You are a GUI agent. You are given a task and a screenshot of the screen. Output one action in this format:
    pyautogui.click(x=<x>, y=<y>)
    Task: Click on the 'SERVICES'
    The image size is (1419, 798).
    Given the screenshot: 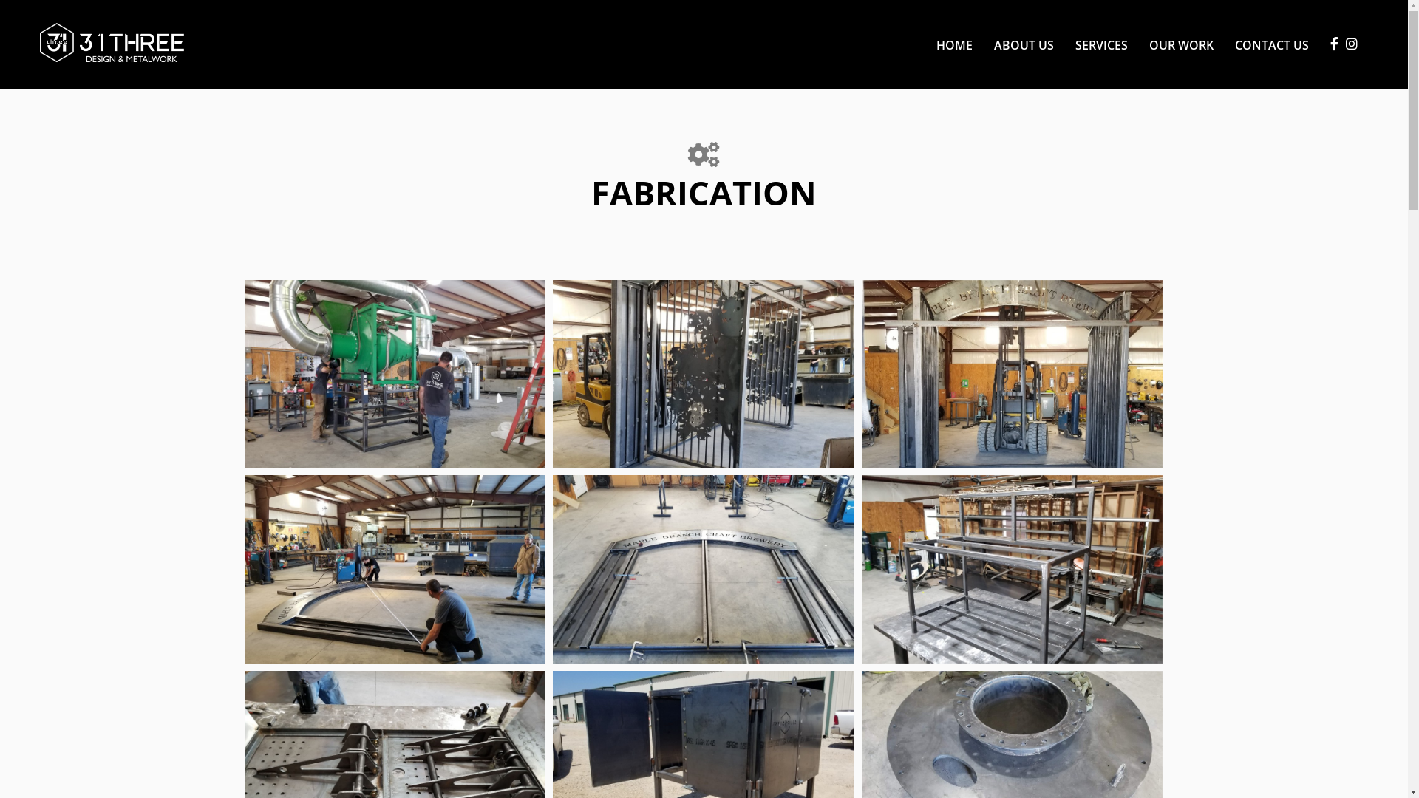 What is the action you would take?
    pyautogui.click(x=1064, y=44)
    